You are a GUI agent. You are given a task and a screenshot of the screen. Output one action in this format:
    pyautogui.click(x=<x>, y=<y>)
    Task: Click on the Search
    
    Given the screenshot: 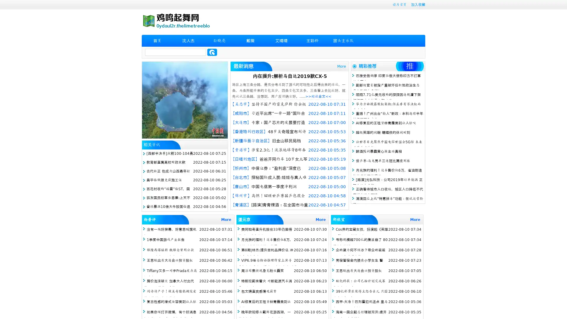 What is the action you would take?
    pyautogui.click(x=212, y=52)
    